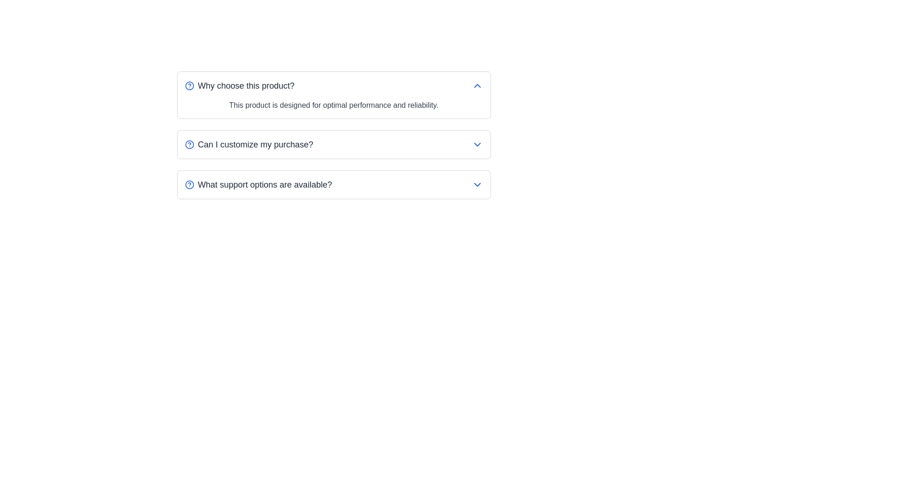  I want to click on the informational icon located at the upper-left corner of the 'Why choose this product?' section, so click(189, 86).